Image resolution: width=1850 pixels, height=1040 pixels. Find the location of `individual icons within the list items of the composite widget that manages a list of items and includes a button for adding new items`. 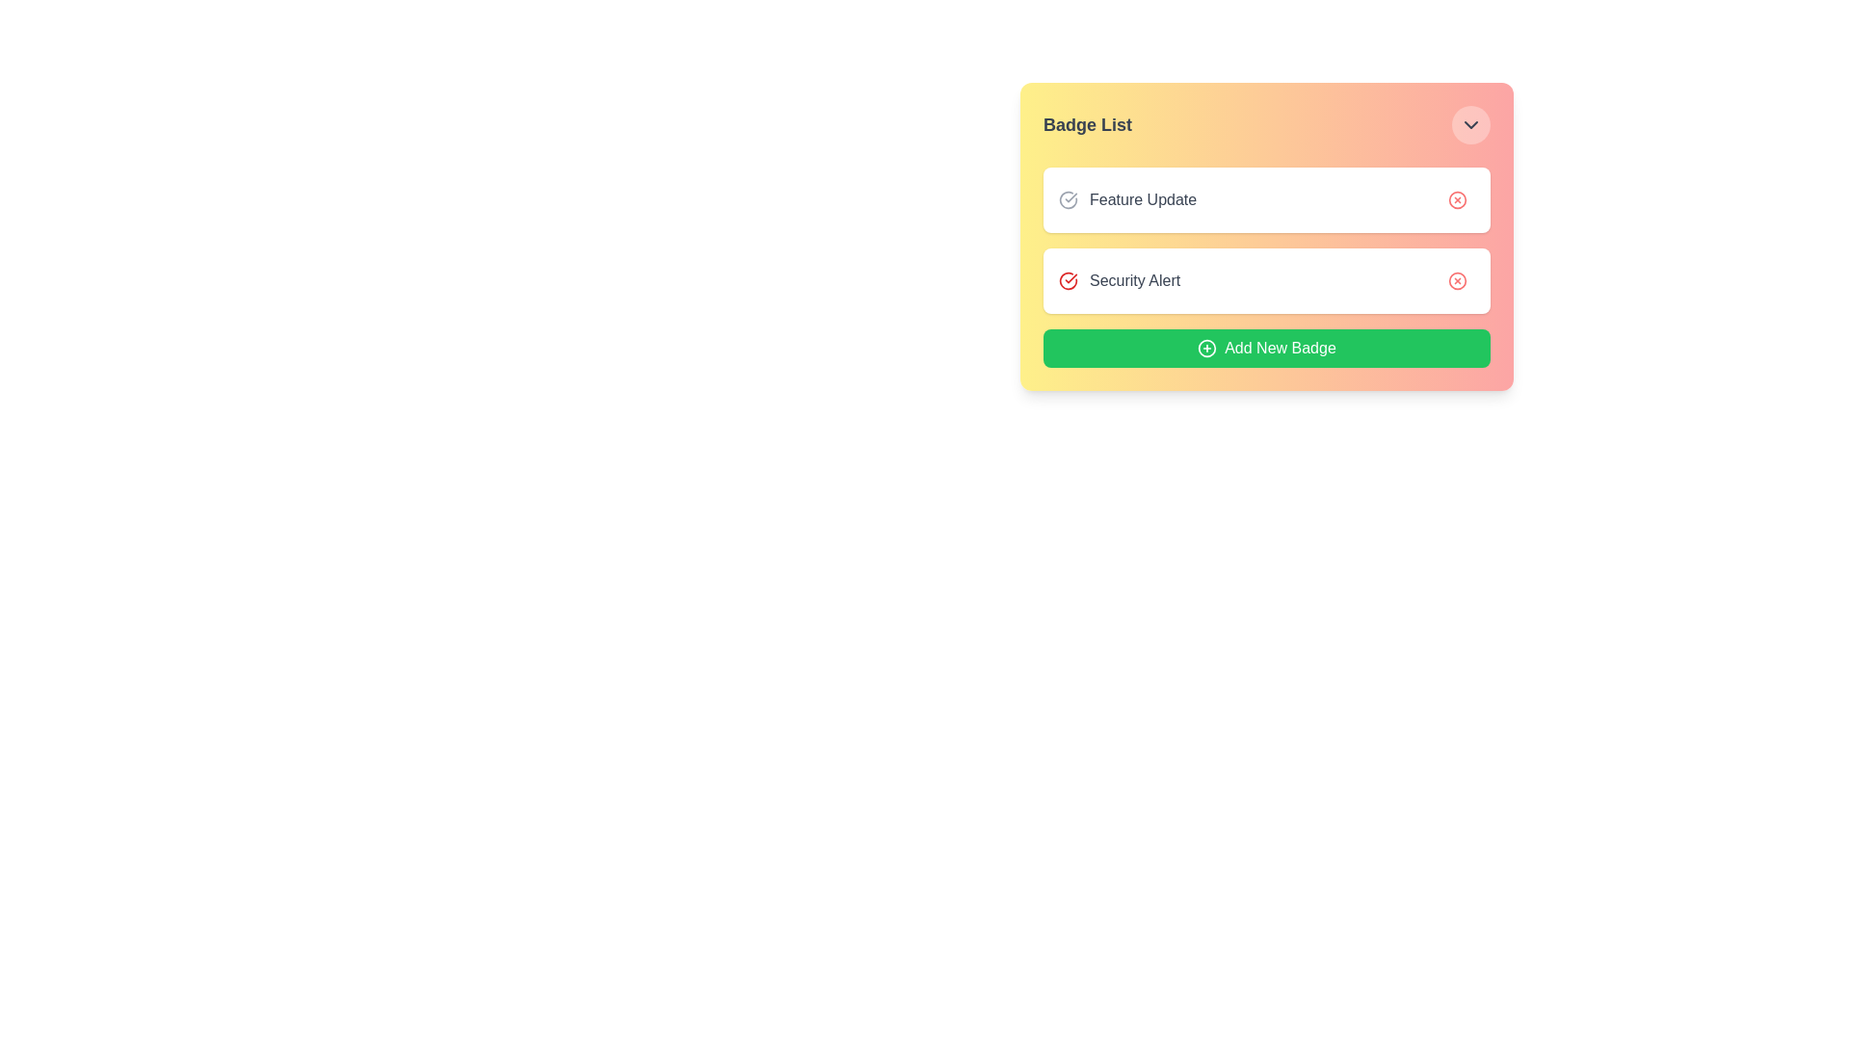

individual icons within the list items of the composite widget that manages a list of items and includes a button for adding new items is located at coordinates (1267, 236).